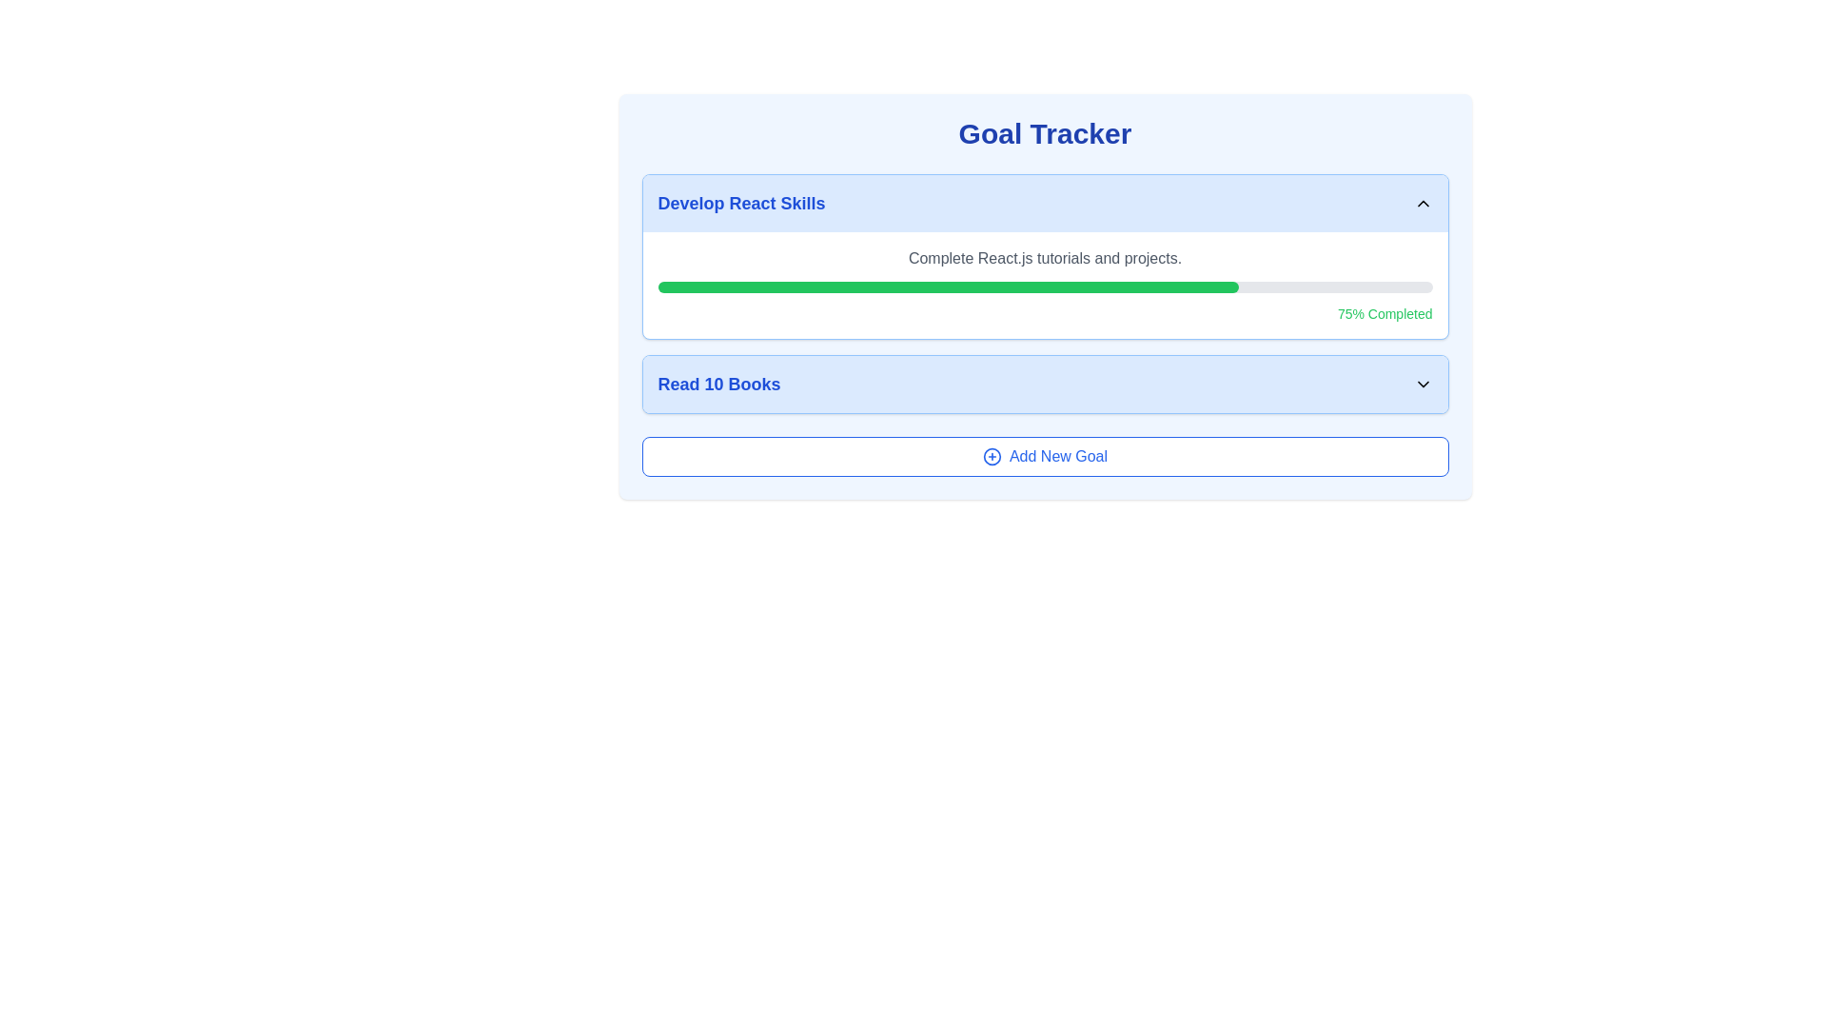  Describe the element at coordinates (1044, 385) in the screenshot. I see `on the dropdown menu labeled 'Read 10 Books', which is the second item in the list` at that location.